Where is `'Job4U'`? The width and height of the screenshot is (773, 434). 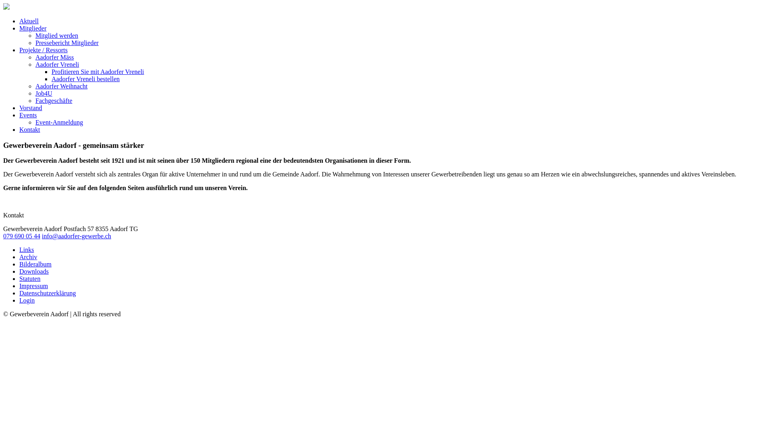
'Job4U' is located at coordinates (43, 93).